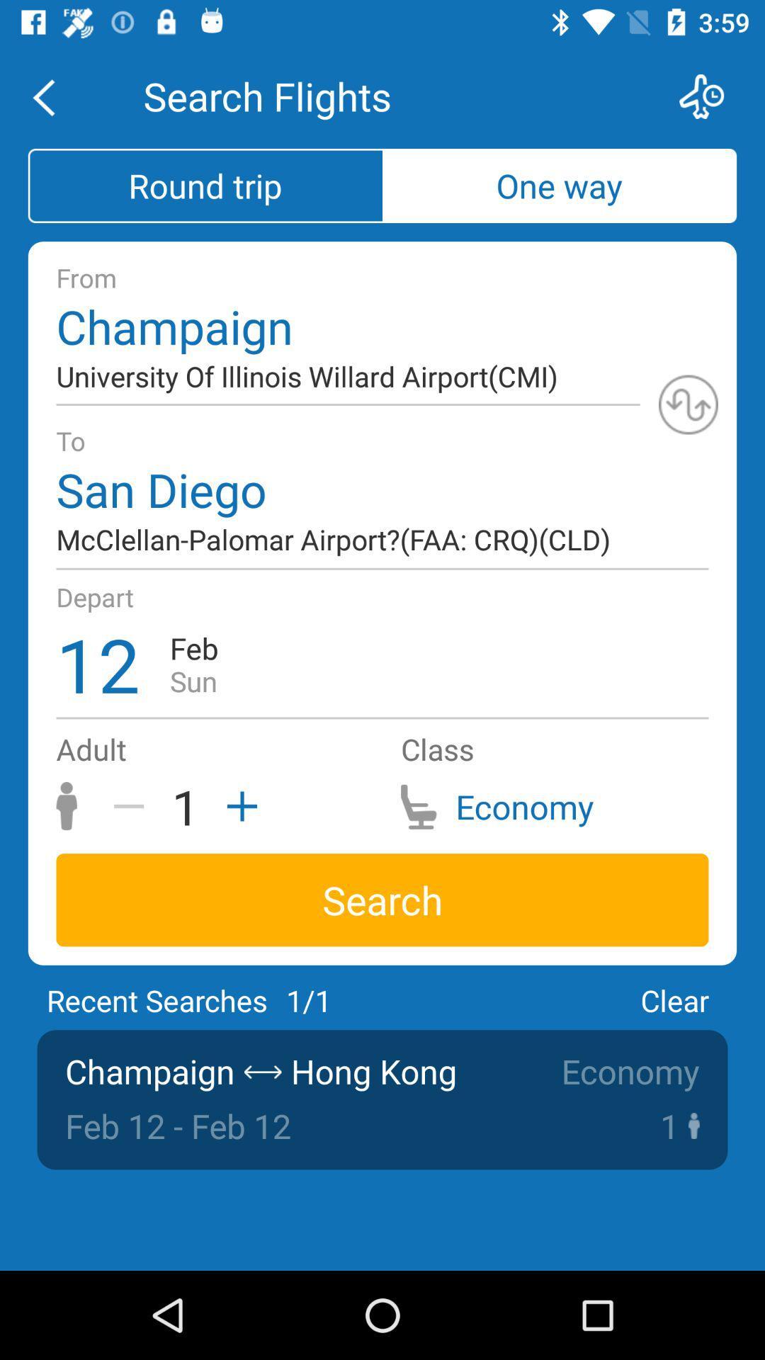  I want to click on roundtrip info, so click(688, 404).